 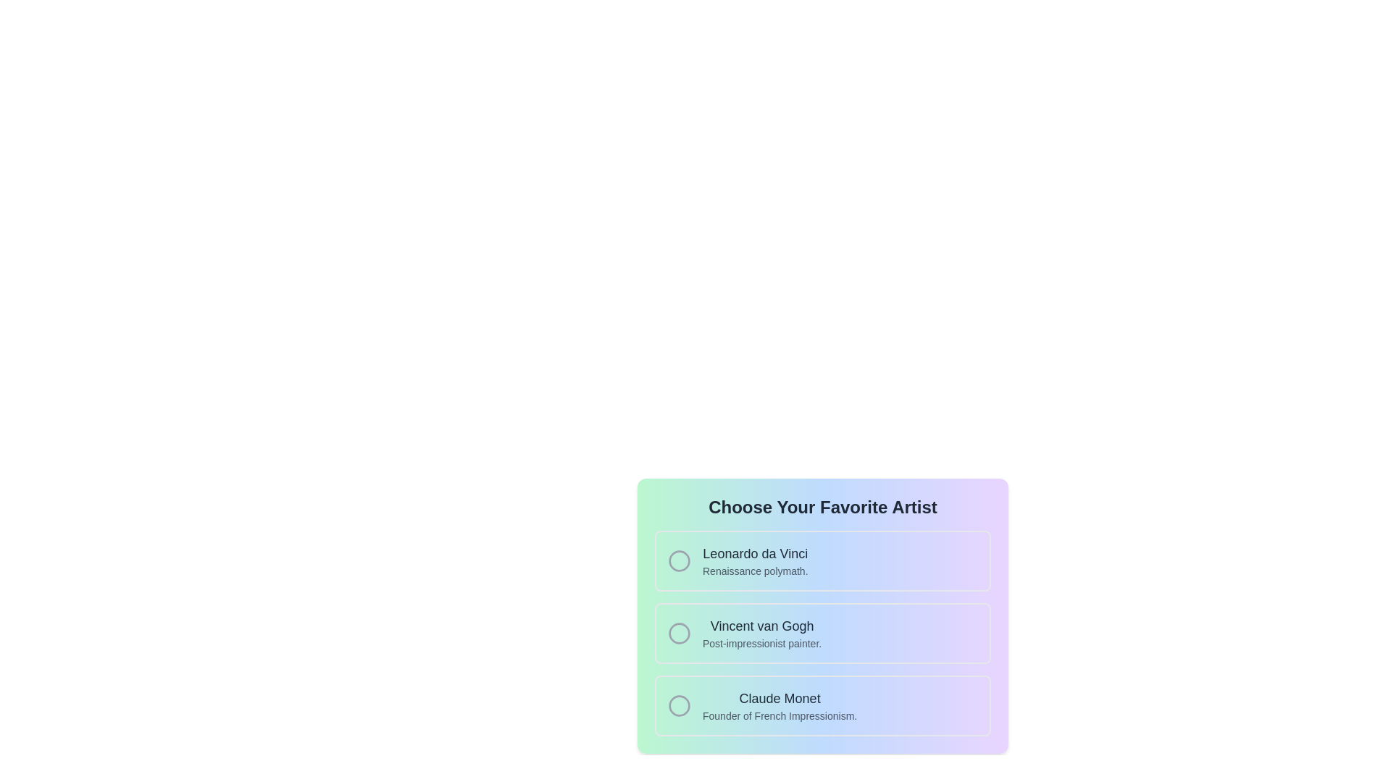 I want to click on the 'Vincent van Gogh' option, which is the second choice in the interactive panel titled 'Choose Your Favorite Artist', so click(x=823, y=608).